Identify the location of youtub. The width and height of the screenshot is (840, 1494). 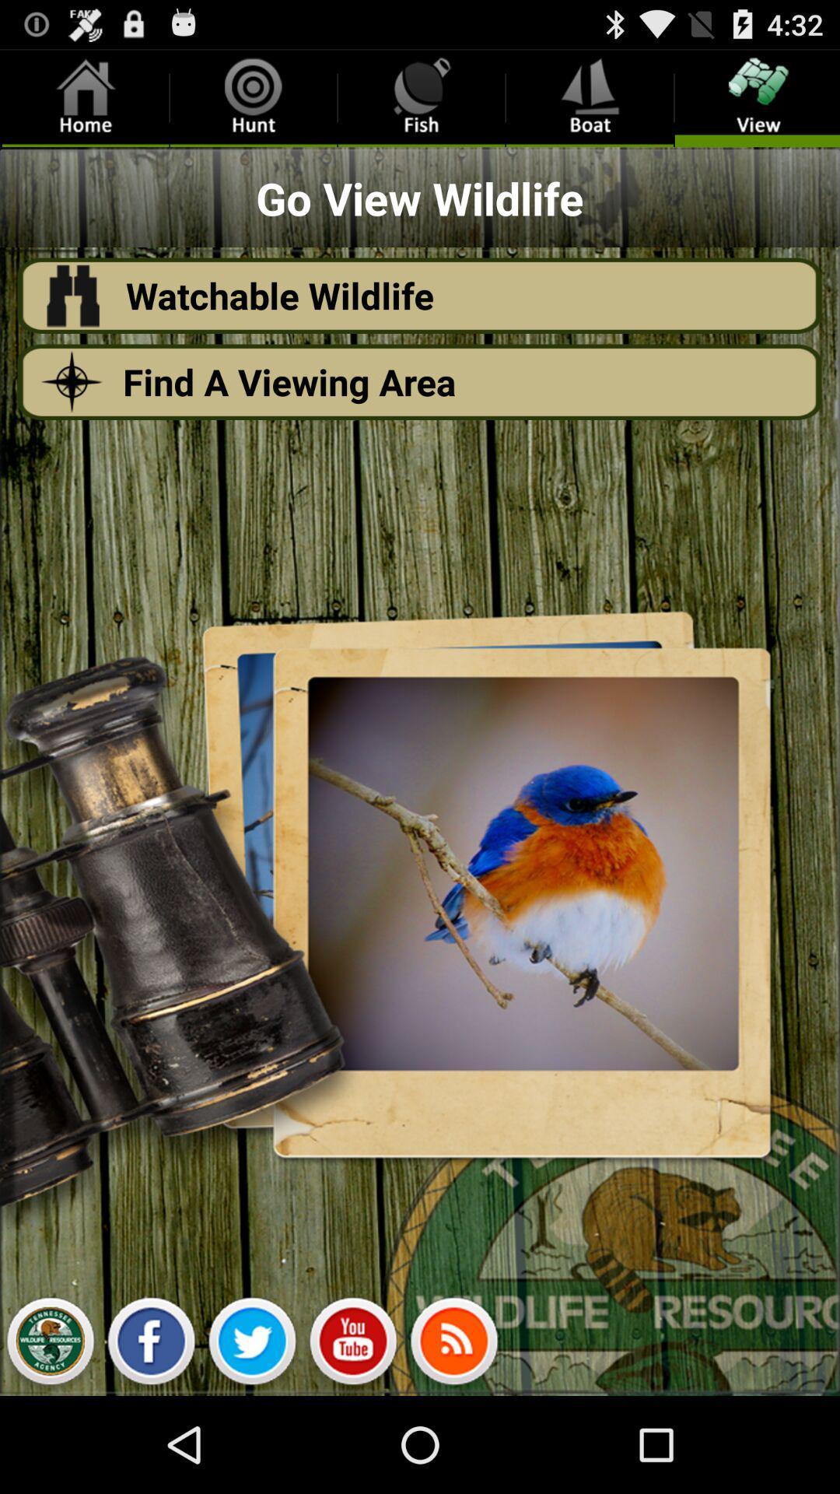
(353, 1345).